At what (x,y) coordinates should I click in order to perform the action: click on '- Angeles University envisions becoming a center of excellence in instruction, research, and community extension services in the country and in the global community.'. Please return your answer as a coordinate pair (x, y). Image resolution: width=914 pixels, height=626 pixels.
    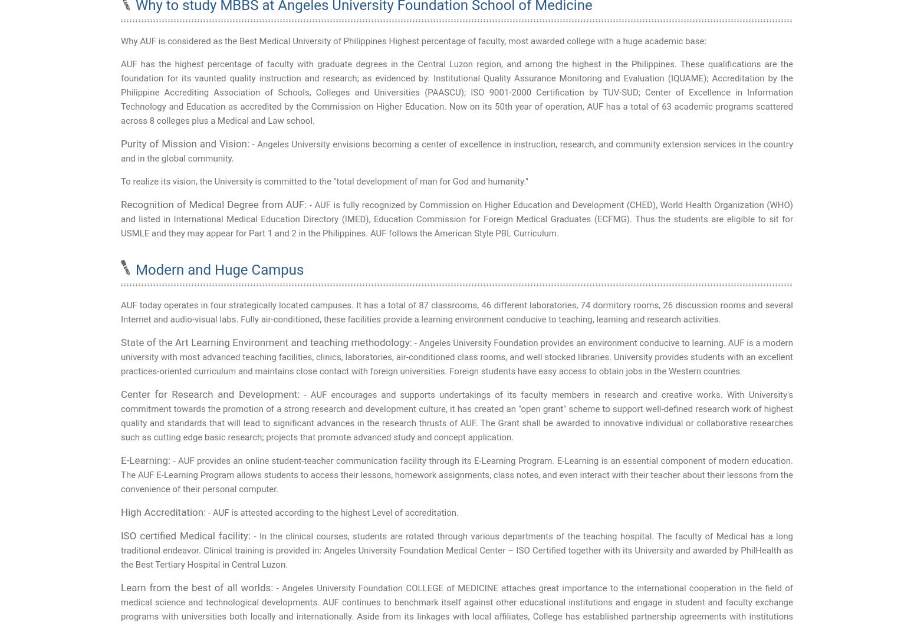
    Looking at the image, I should click on (120, 151).